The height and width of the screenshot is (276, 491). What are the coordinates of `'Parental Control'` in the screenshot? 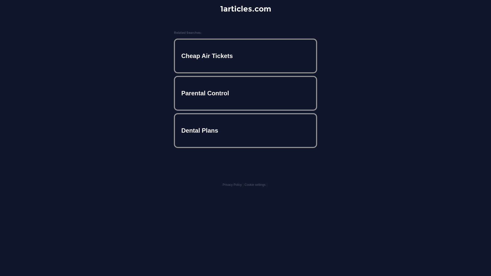 It's located at (245, 93).